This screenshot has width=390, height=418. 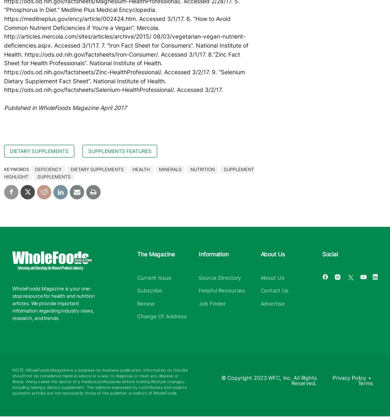 What do you see at coordinates (202, 169) in the screenshot?
I see `'nutrition'` at bounding box center [202, 169].